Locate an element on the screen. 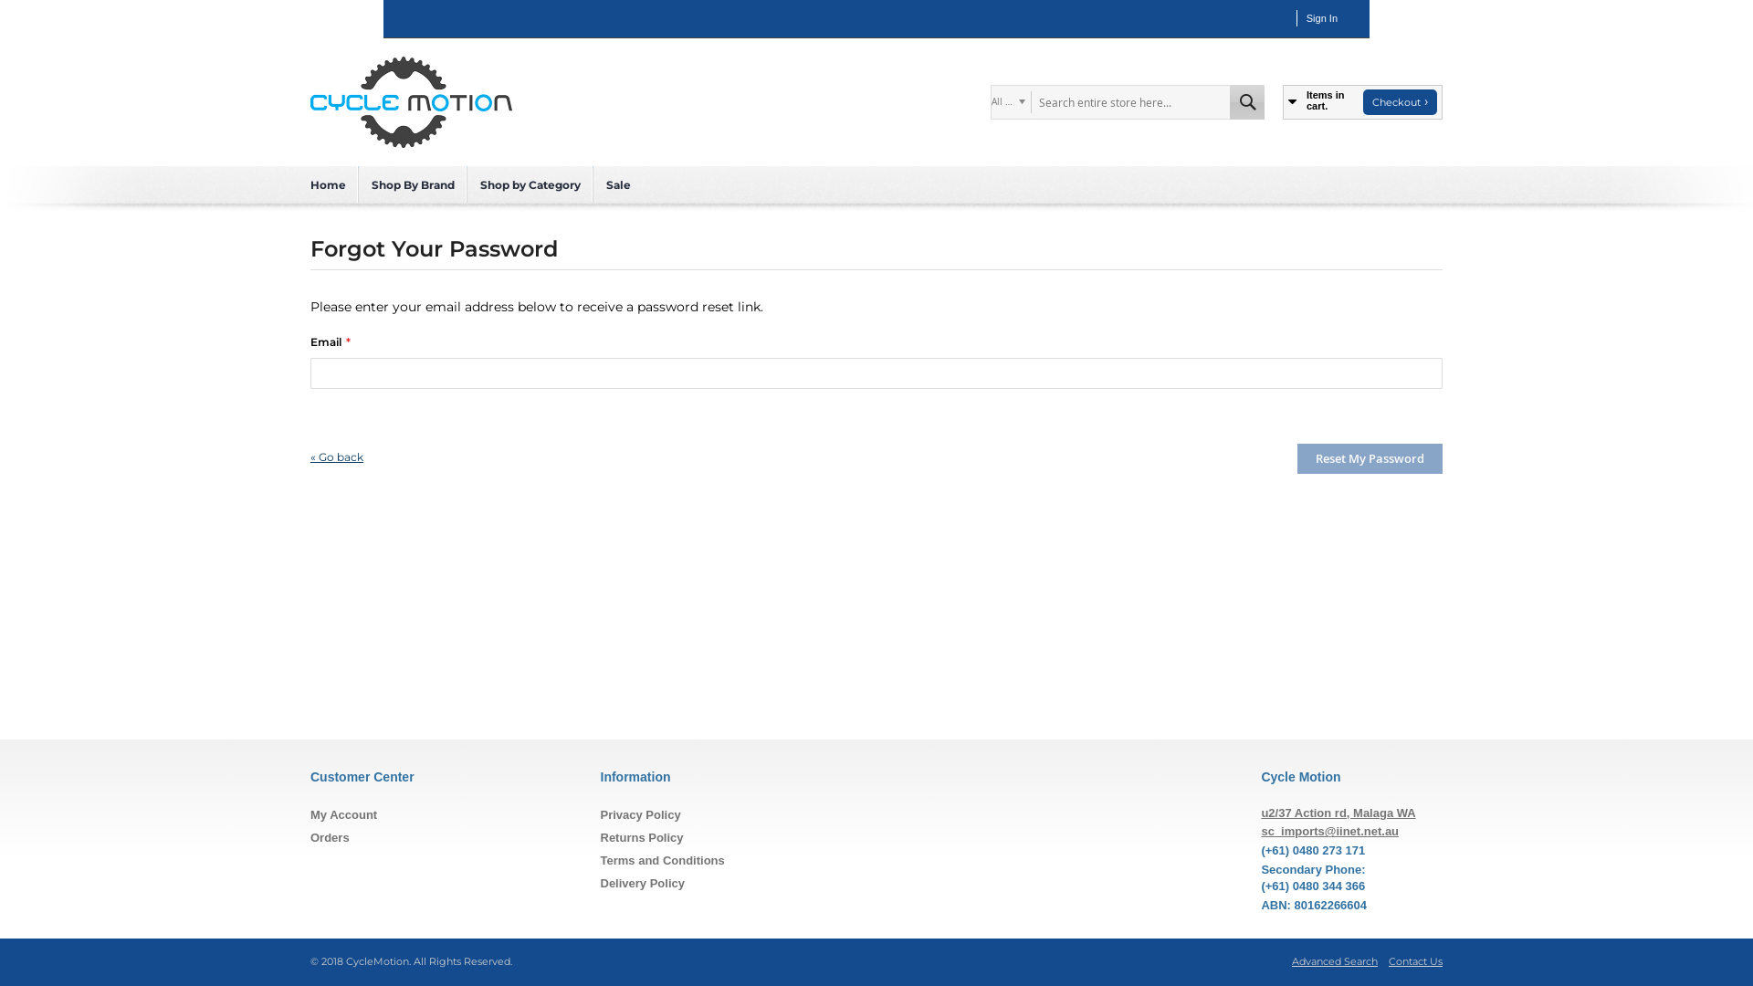 The height and width of the screenshot is (986, 1753). 'Shop By Brand' is located at coordinates (412, 184).